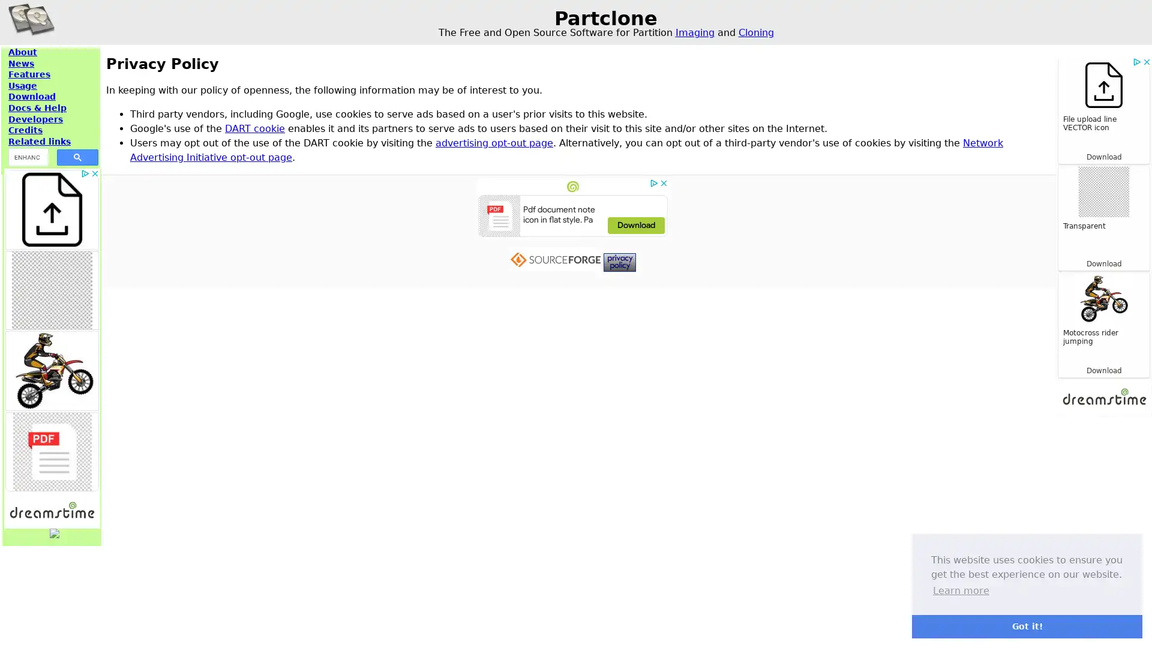  What do you see at coordinates (961, 590) in the screenshot?
I see `learn more about cookies` at bounding box center [961, 590].